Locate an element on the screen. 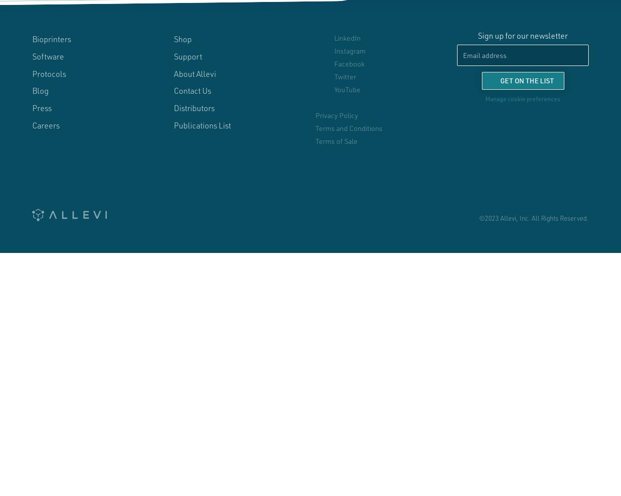 The height and width of the screenshot is (496, 621). '©2023 Allevi, Inc. All Rights Reserved.' is located at coordinates (534, 217).